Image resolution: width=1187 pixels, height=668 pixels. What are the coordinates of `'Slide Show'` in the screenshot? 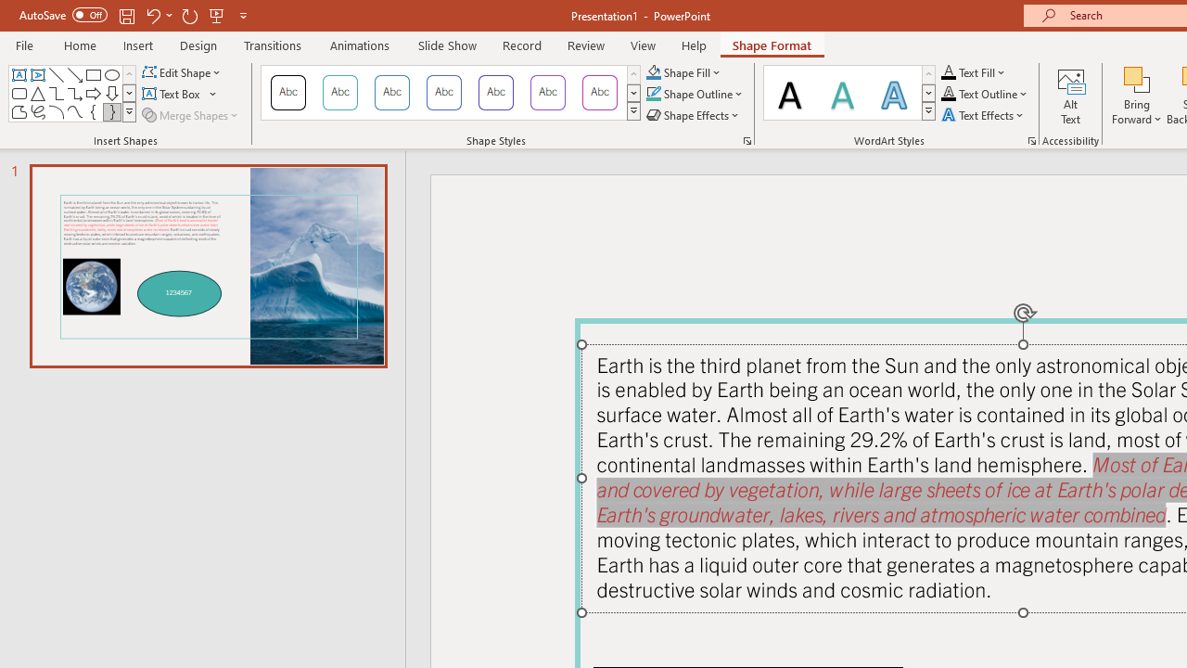 It's located at (446, 45).